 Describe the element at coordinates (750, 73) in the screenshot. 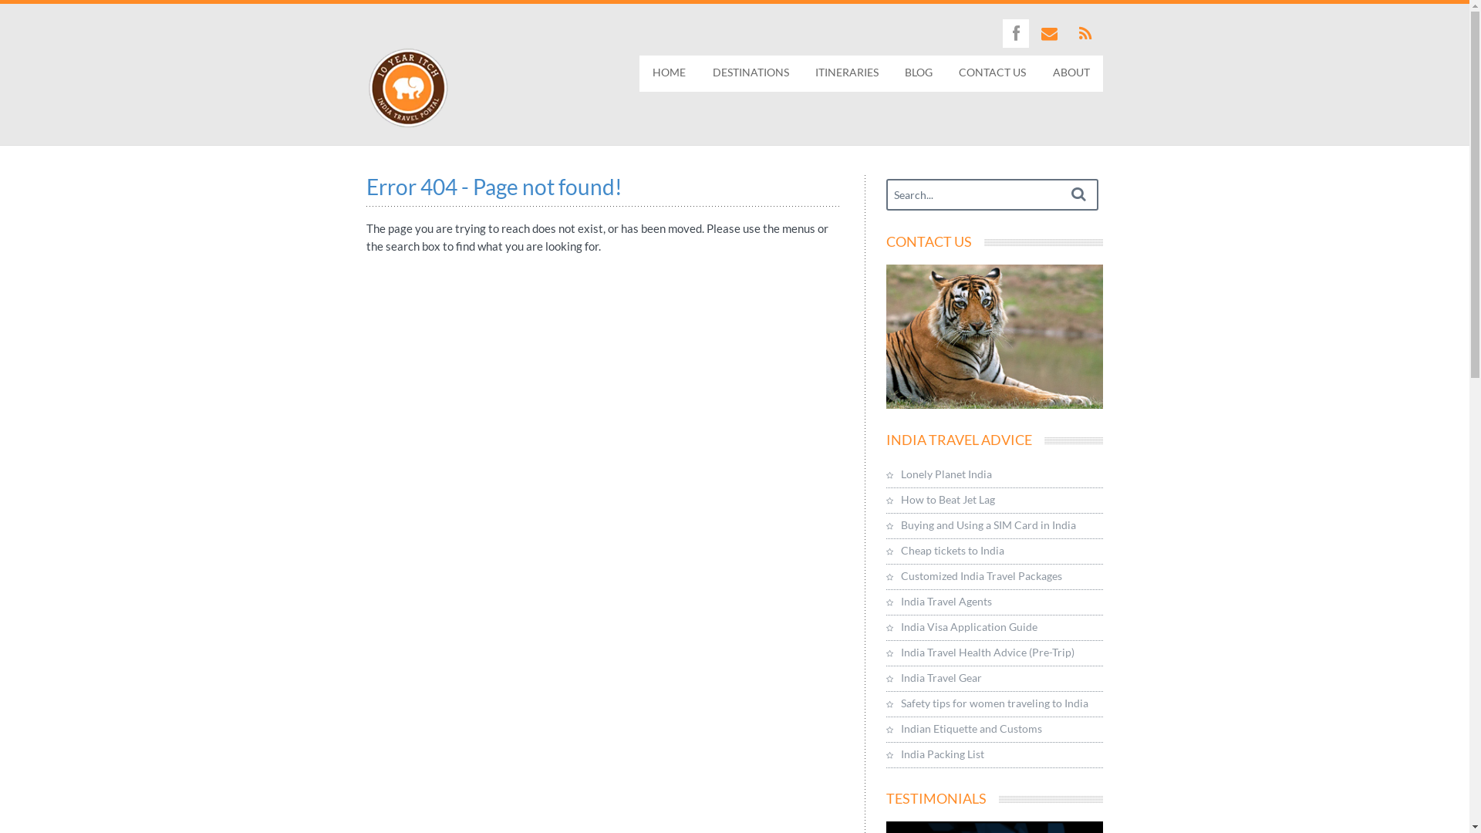

I see `'DESTINATIONS'` at that location.